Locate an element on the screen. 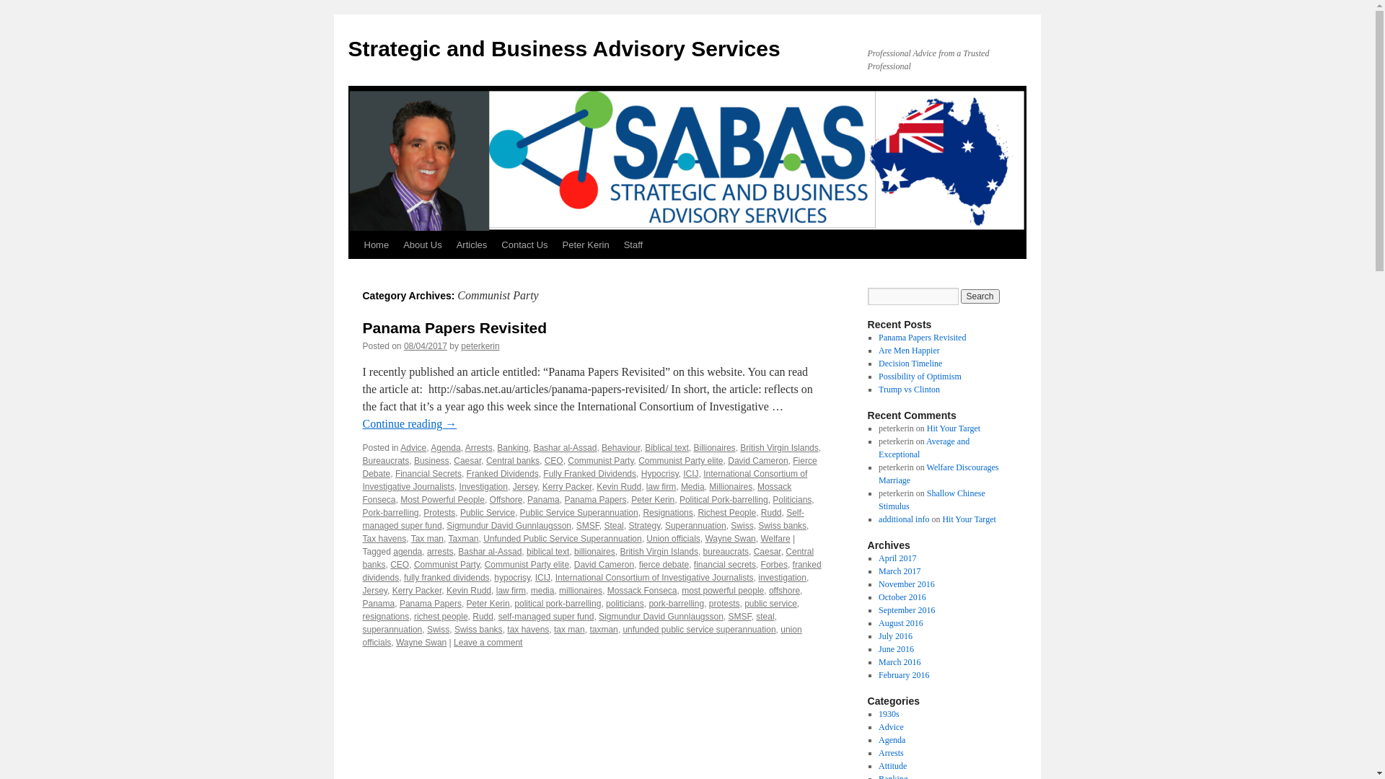  'Unfunded Public Service Superannuation' is located at coordinates (561, 539).